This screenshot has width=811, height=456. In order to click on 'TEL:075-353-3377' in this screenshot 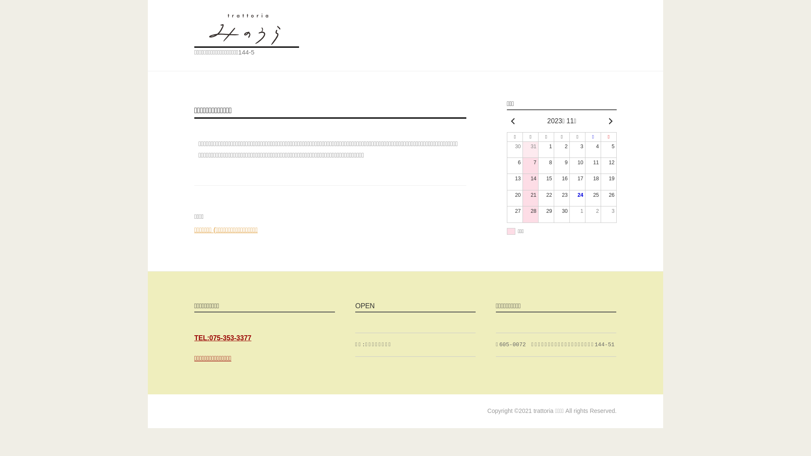, I will do `click(194, 337)`.